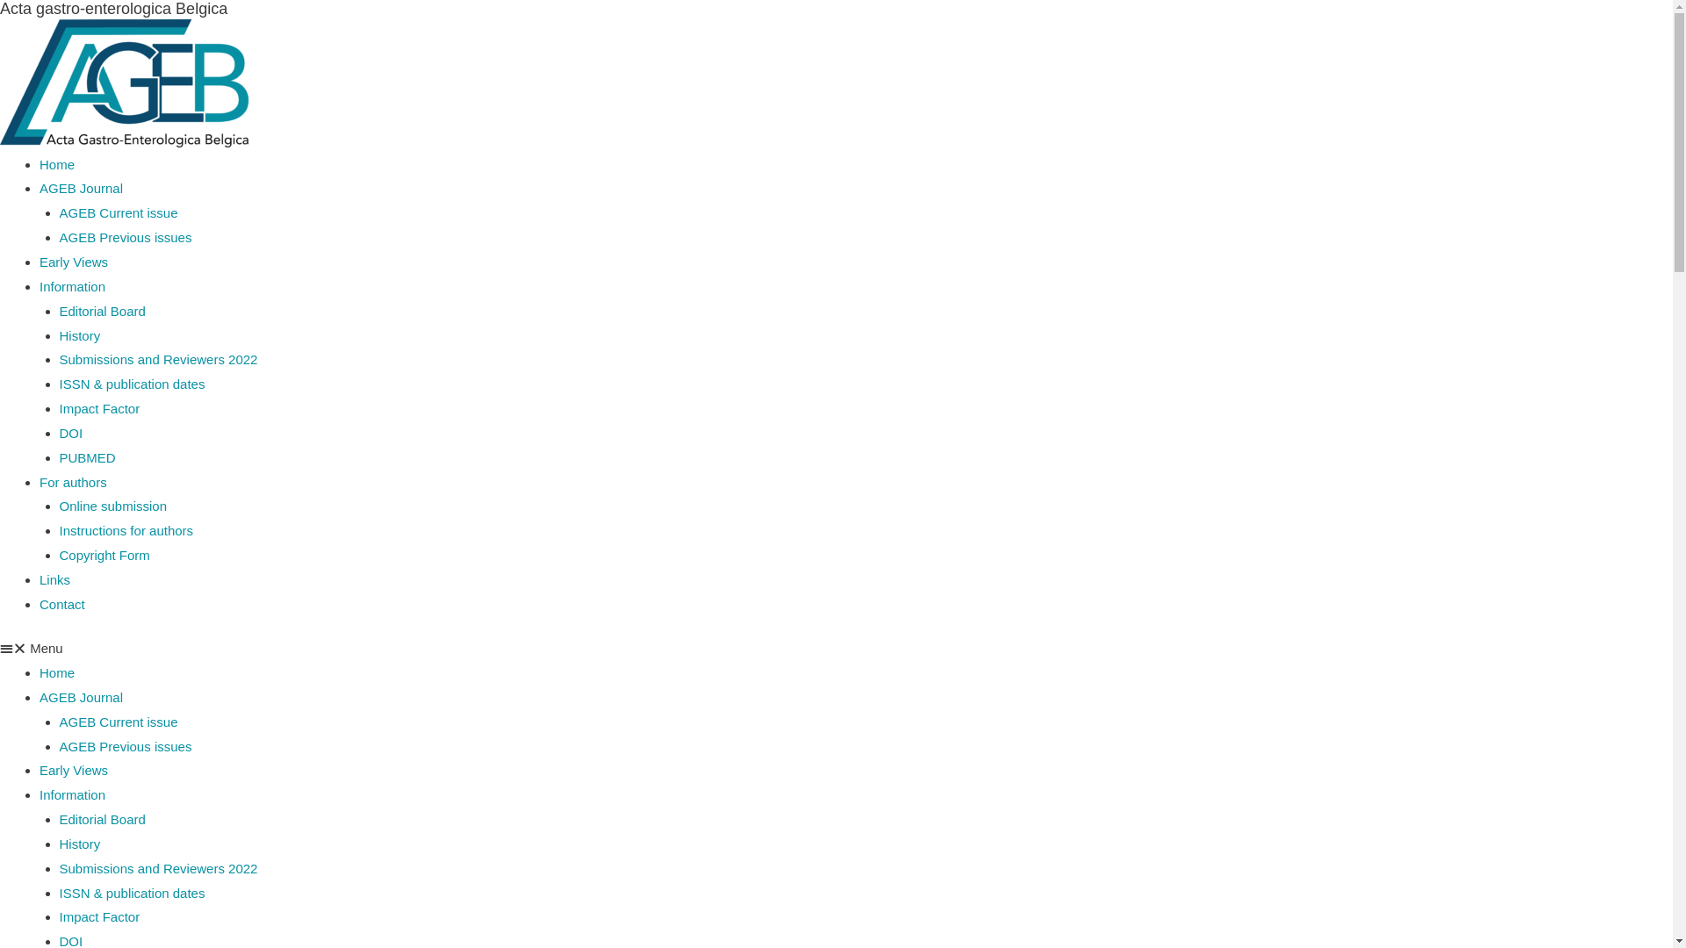  I want to click on 'Early Views', so click(39, 262).